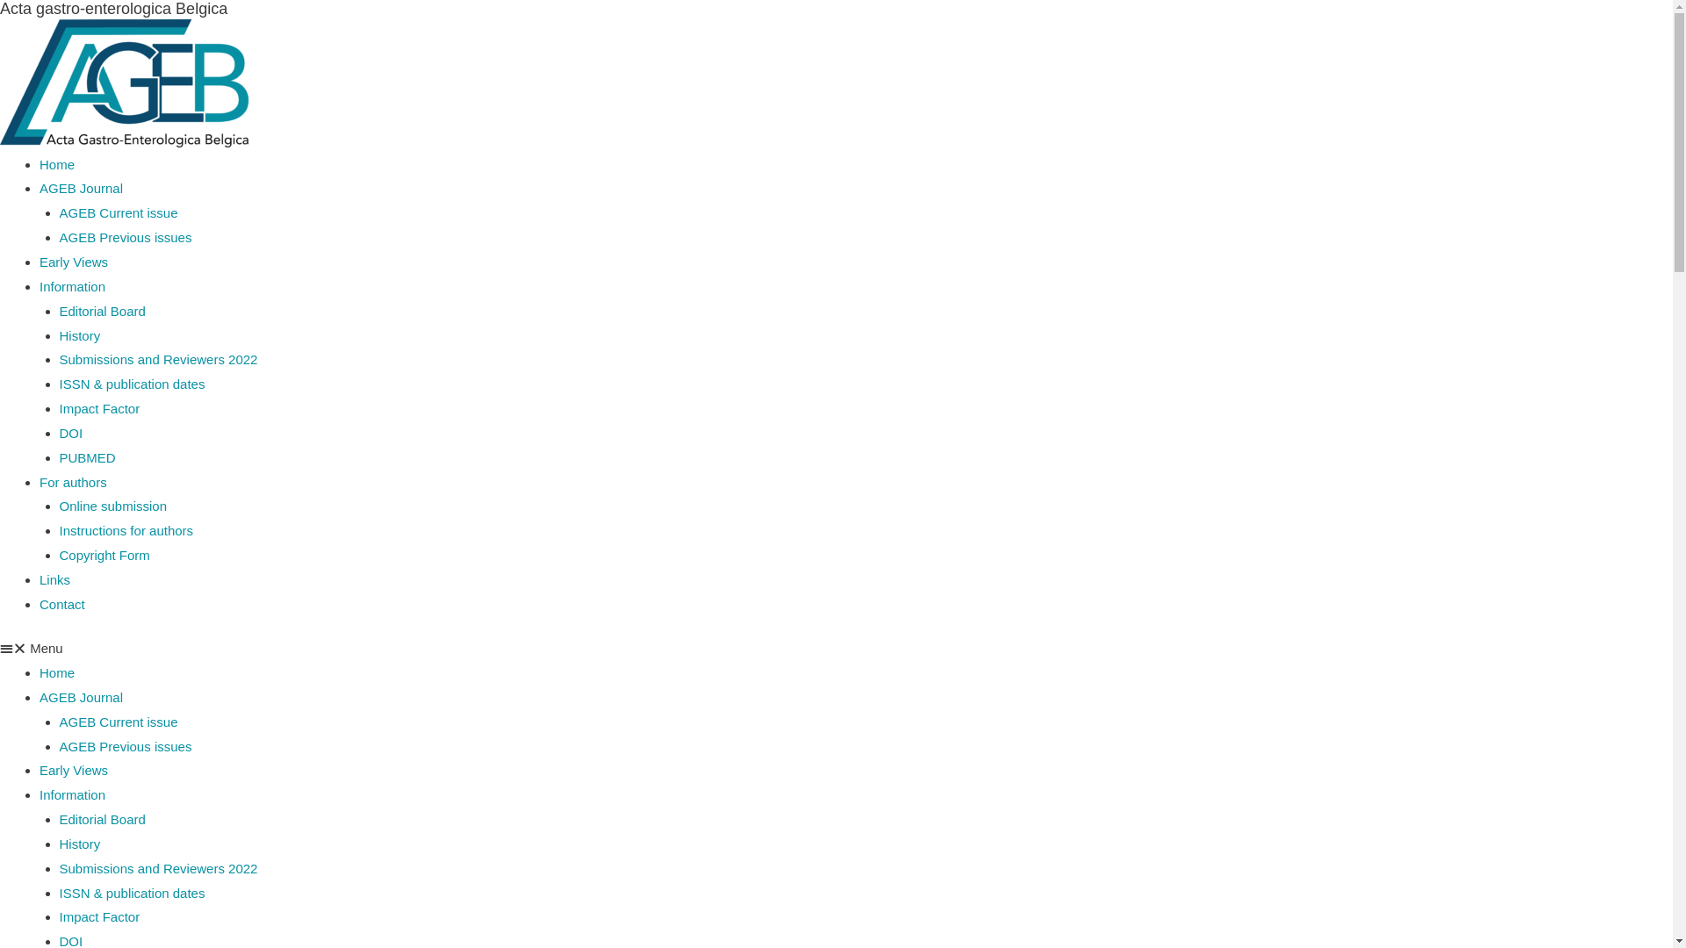  I want to click on 'Early Views', so click(39, 262).